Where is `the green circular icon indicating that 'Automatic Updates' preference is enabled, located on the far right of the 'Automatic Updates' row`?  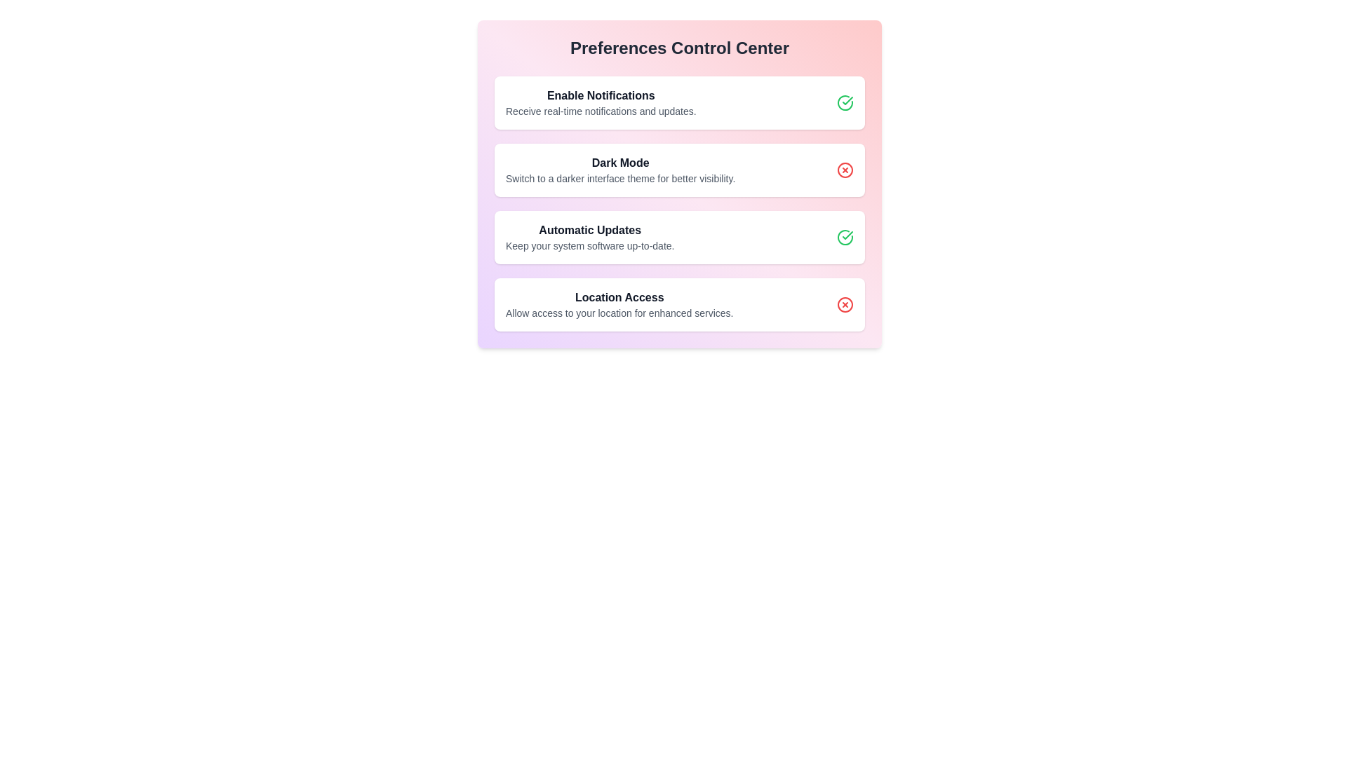 the green circular icon indicating that 'Automatic Updates' preference is enabled, located on the far right of the 'Automatic Updates' row is located at coordinates (847, 100).